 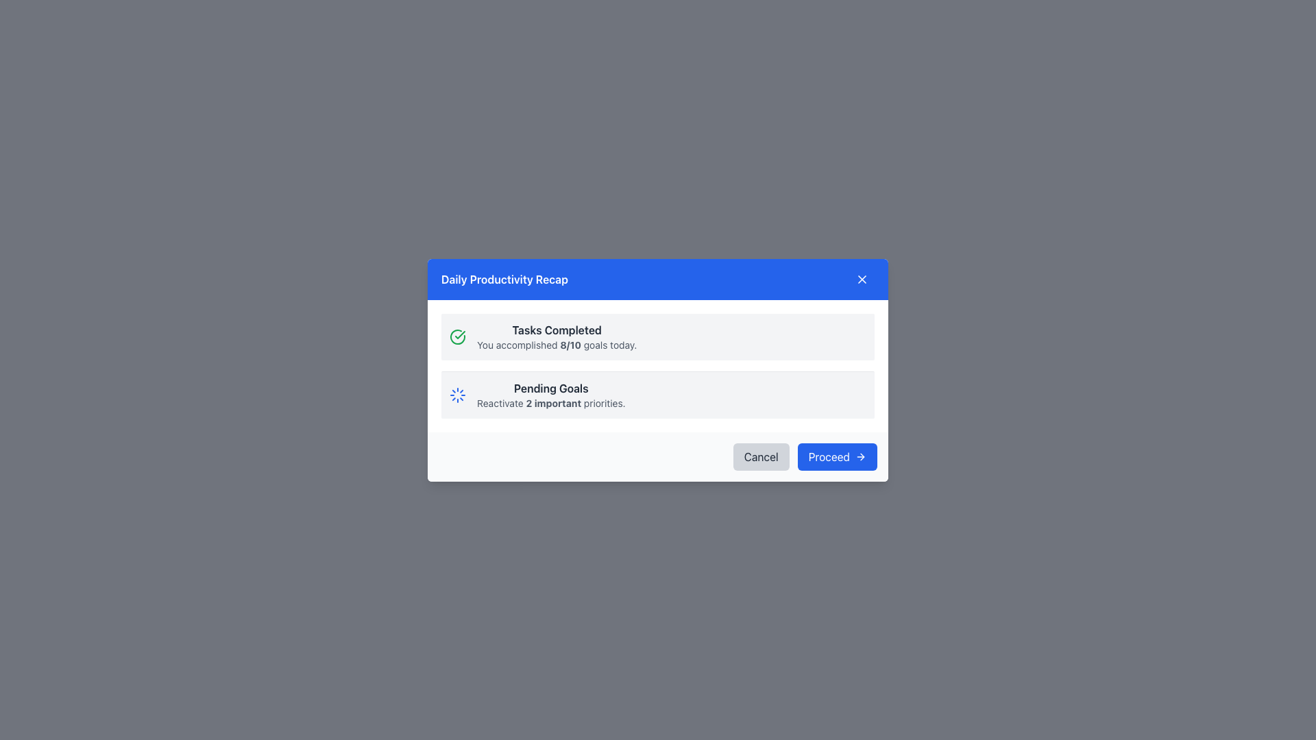 What do you see at coordinates (570, 343) in the screenshot?
I see `the text displaying the number of goals completed out of the total goals for the day, located under the 'Tasks Completed' section and to the right of the green checkmark icon` at bounding box center [570, 343].